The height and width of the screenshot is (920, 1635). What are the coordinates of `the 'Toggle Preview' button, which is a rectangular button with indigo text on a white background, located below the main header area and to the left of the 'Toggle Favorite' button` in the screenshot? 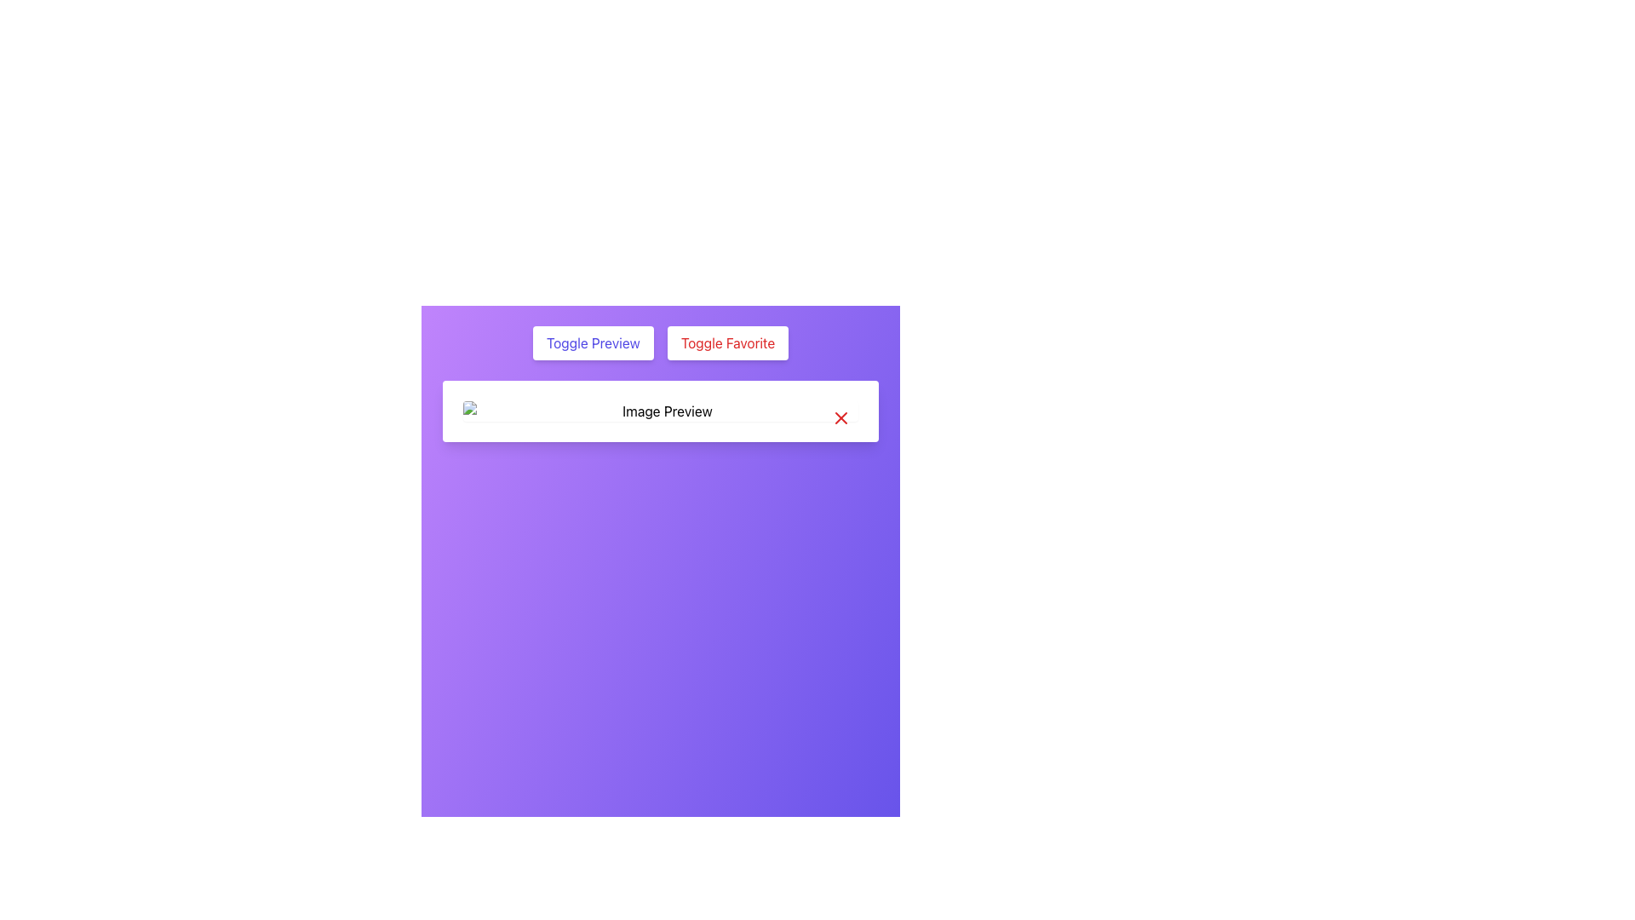 It's located at (593, 342).